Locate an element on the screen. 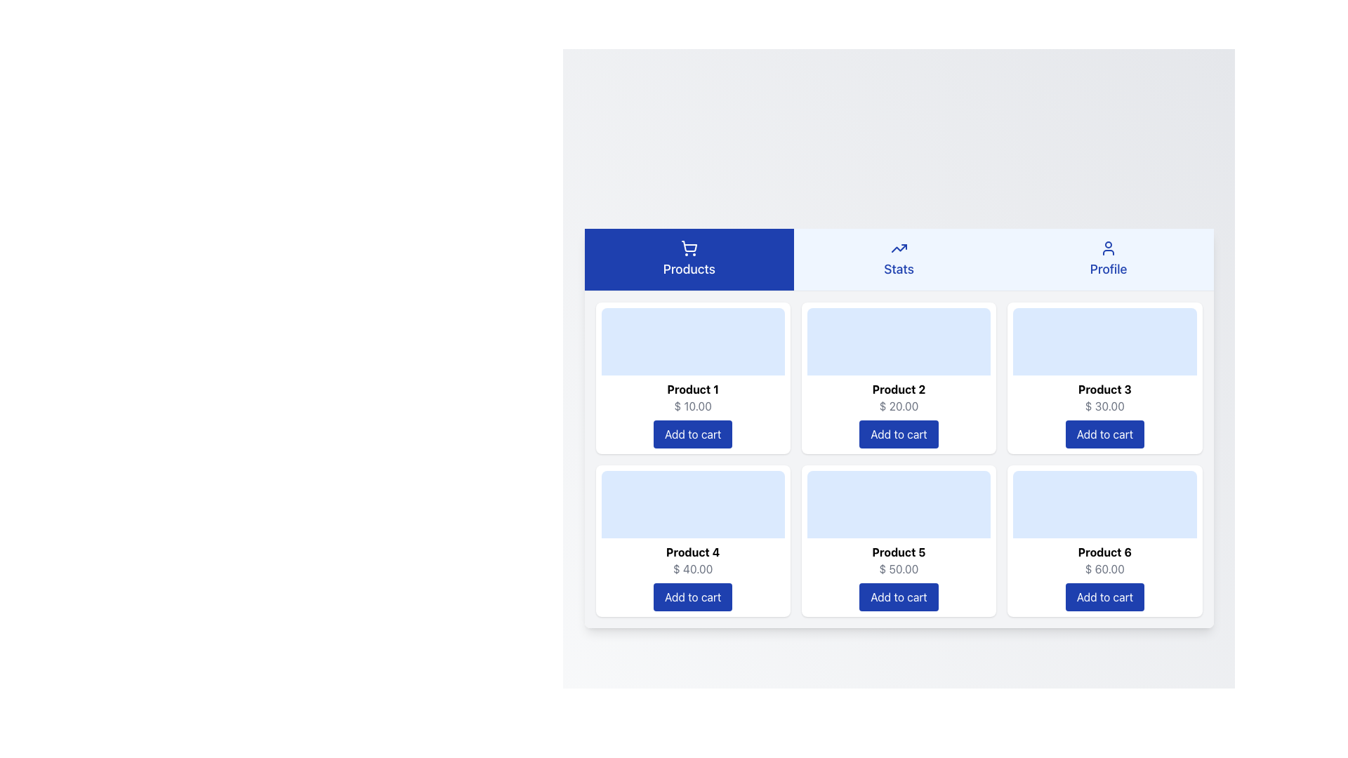  the product card in the second row and second column of the grid layout is located at coordinates (899, 540).